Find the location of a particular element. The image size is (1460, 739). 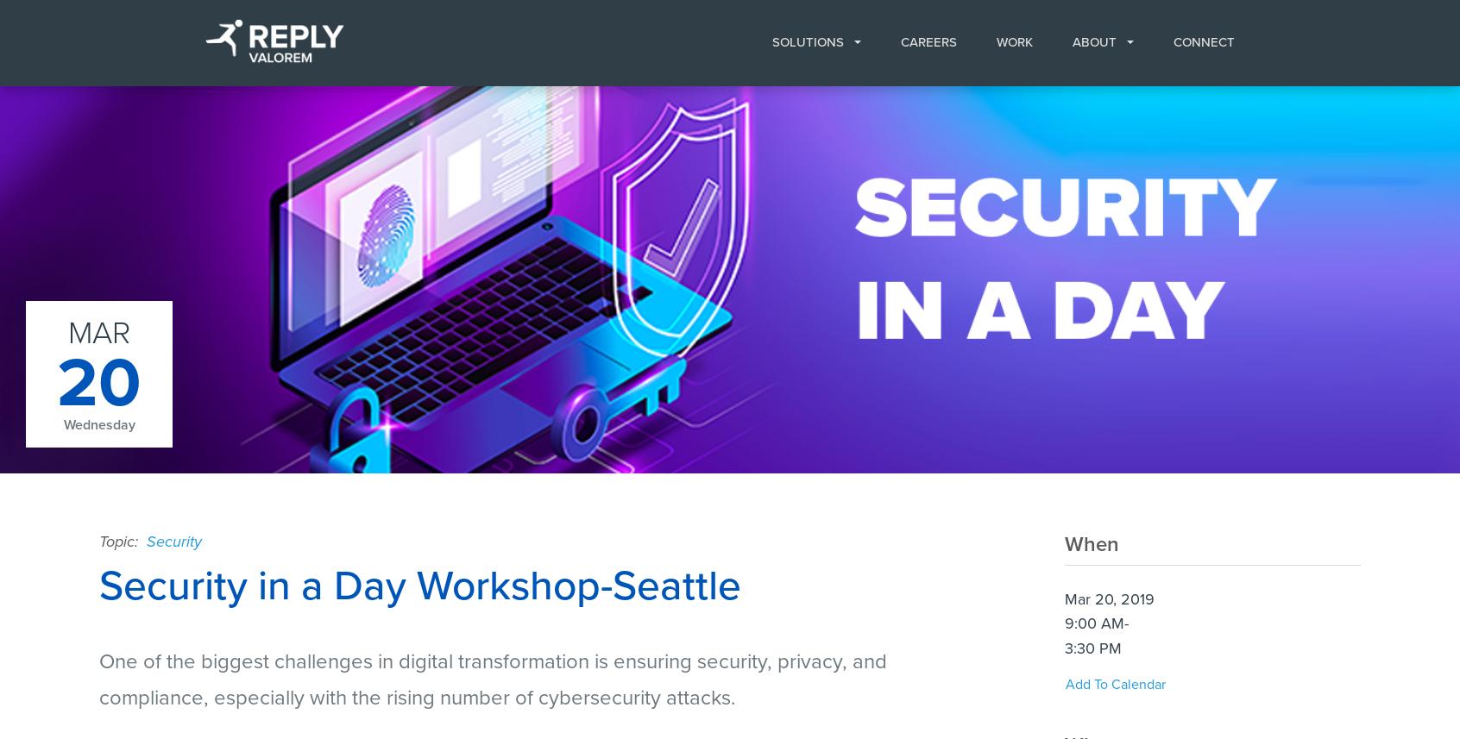

'Topic:' is located at coordinates (120, 542).